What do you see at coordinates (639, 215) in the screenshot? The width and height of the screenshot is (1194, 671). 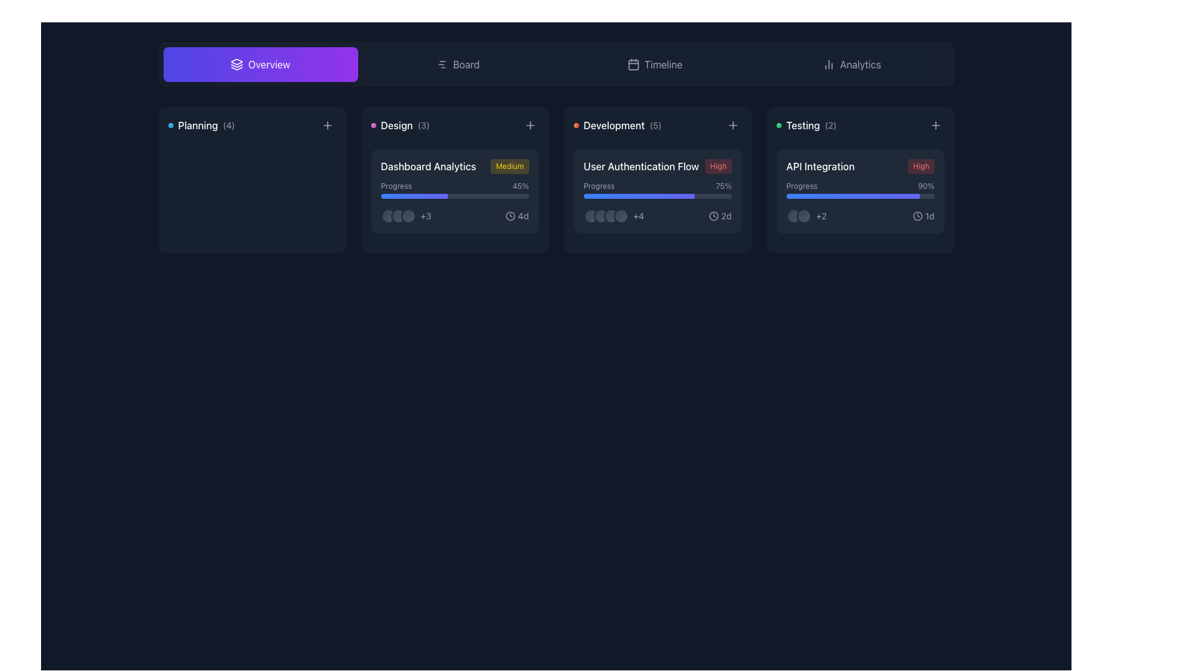 I see `the text label displaying '+4' in gray color, located at the bottom center-right of the 'User Authentication Flow' card in the 'Development' column` at bounding box center [639, 215].